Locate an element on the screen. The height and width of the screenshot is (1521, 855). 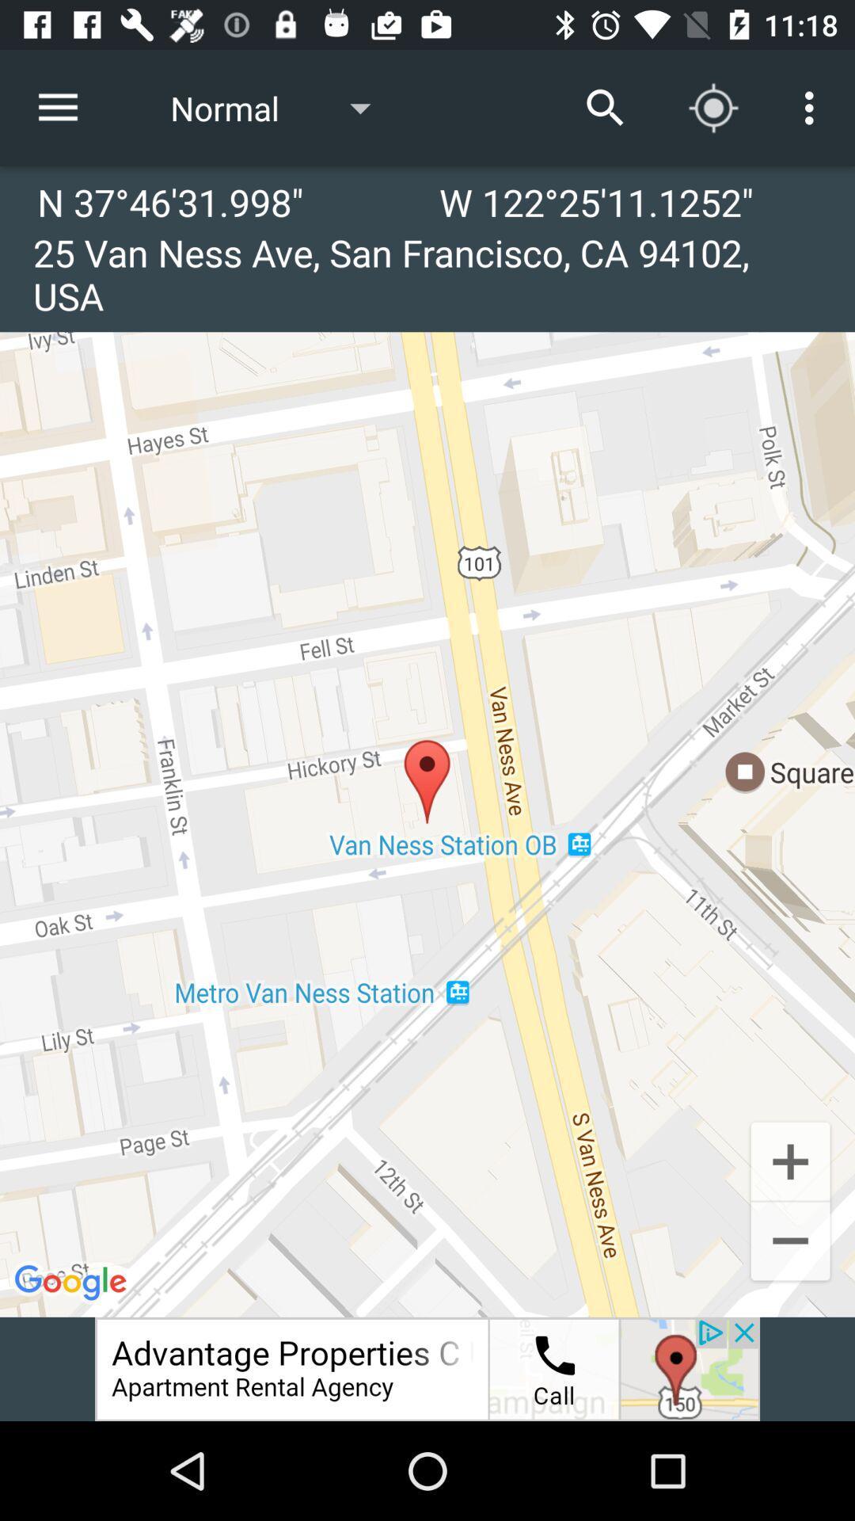
advertisement page is located at coordinates (427, 1368).